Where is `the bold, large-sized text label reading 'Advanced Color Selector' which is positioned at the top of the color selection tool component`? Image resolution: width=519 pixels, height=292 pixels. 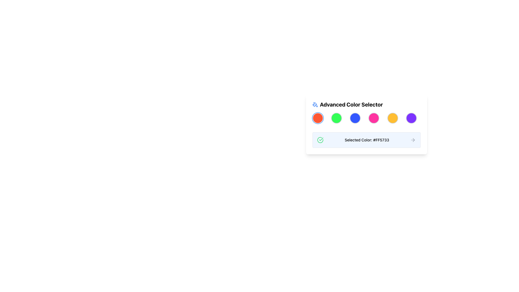 the bold, large-sized text label reading 'Advanced Color Selector' which is positioned at the top of the color selection tool component is located at coordinates (351, 104).